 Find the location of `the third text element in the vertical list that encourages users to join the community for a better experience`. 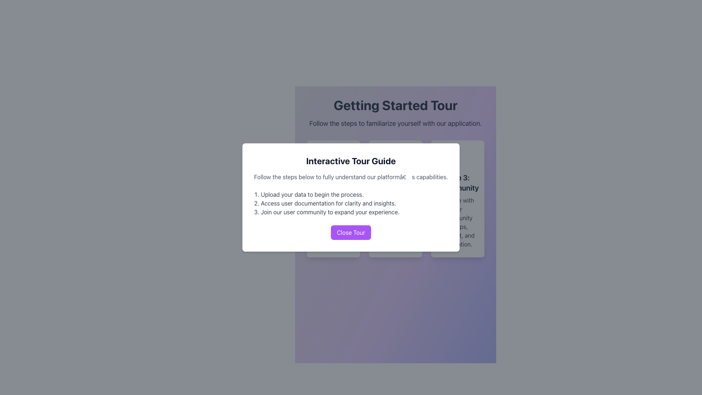

the third text element in the vertical list that encourages users to join the community for a better experience is located at coordinates (351, 212).